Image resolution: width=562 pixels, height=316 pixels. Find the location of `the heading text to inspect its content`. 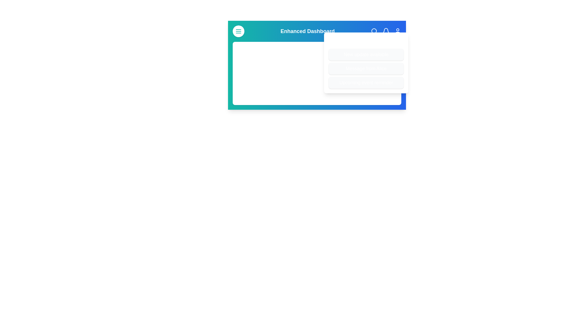

the heading text to inspect its content is located at coordinates (317, 31).